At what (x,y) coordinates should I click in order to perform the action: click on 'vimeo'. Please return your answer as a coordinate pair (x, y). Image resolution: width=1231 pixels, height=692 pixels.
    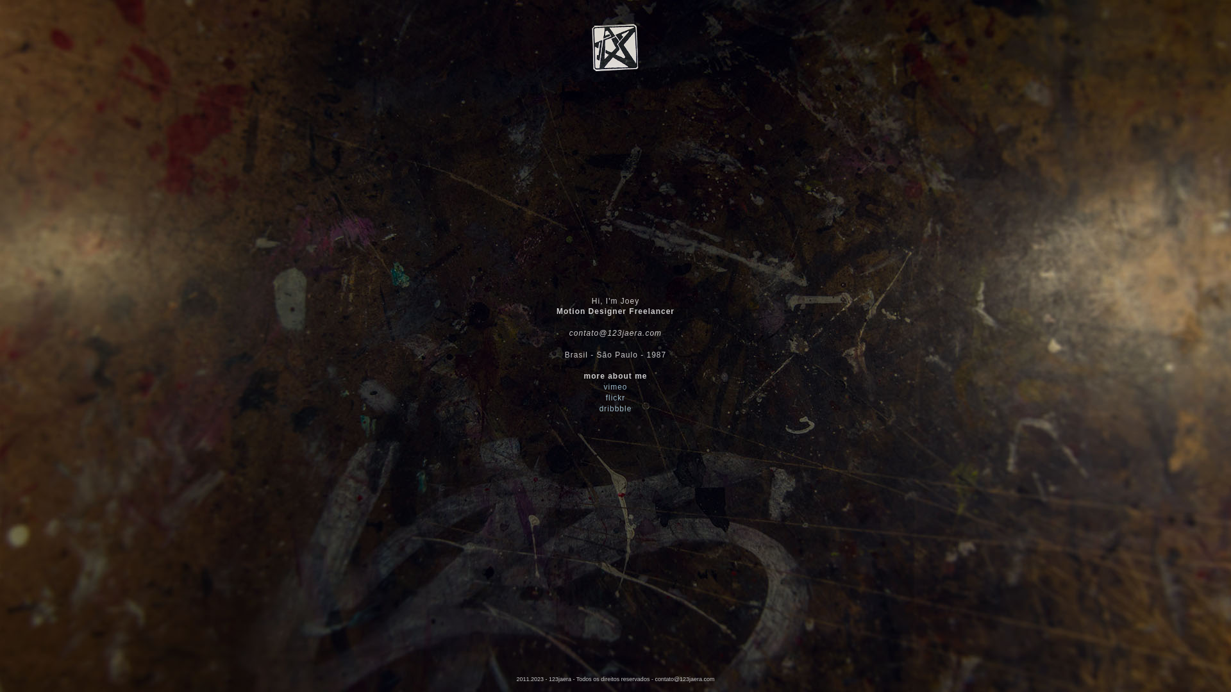
    Looking at the image, I should click on (614, 386).